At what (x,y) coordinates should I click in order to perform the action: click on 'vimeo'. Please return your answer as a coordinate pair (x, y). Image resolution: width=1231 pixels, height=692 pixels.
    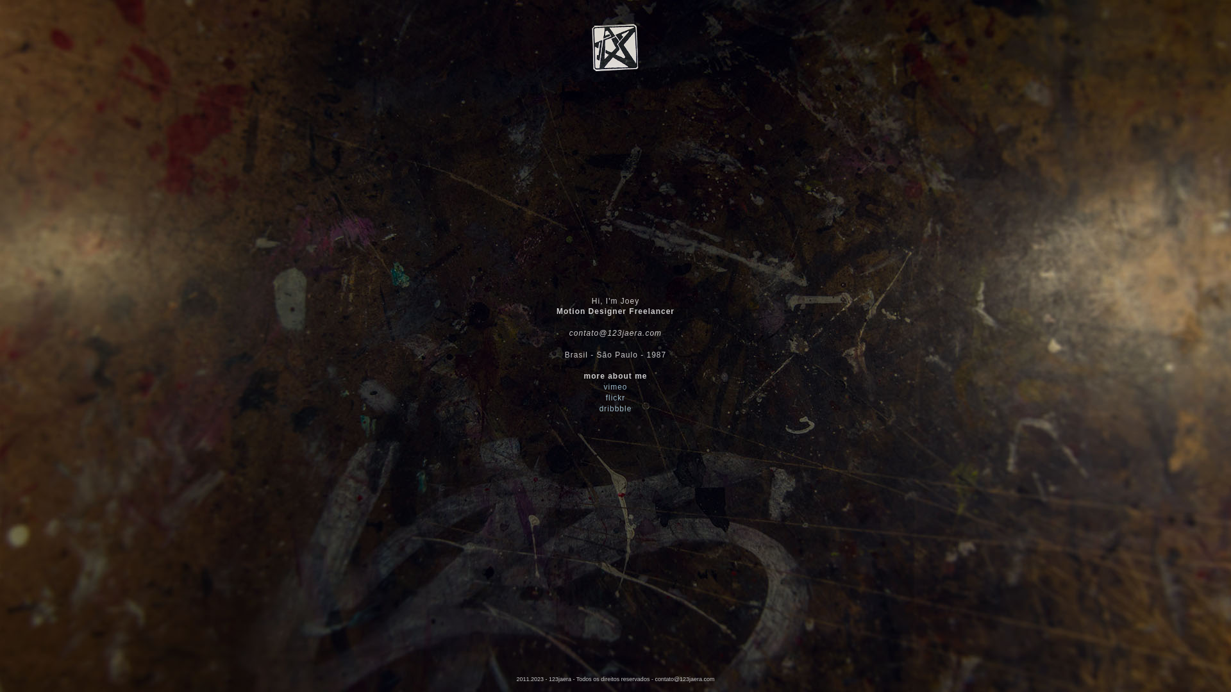
    Looking at the image, I should click on (614, 386).